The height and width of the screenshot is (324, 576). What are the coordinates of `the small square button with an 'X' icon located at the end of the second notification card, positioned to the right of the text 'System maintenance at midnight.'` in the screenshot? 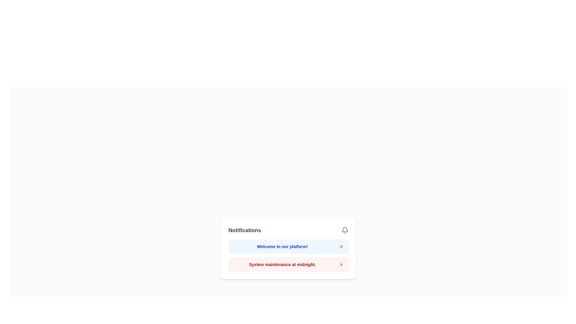 It's located at (341, 264).